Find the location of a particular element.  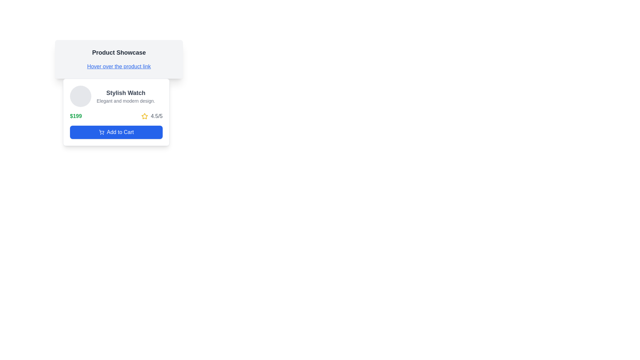

the rating value displayed by the star rating element located in the bottom-right area of the product card, adjacent to the green price tag ('$199') is located at coordinates (152, 116).